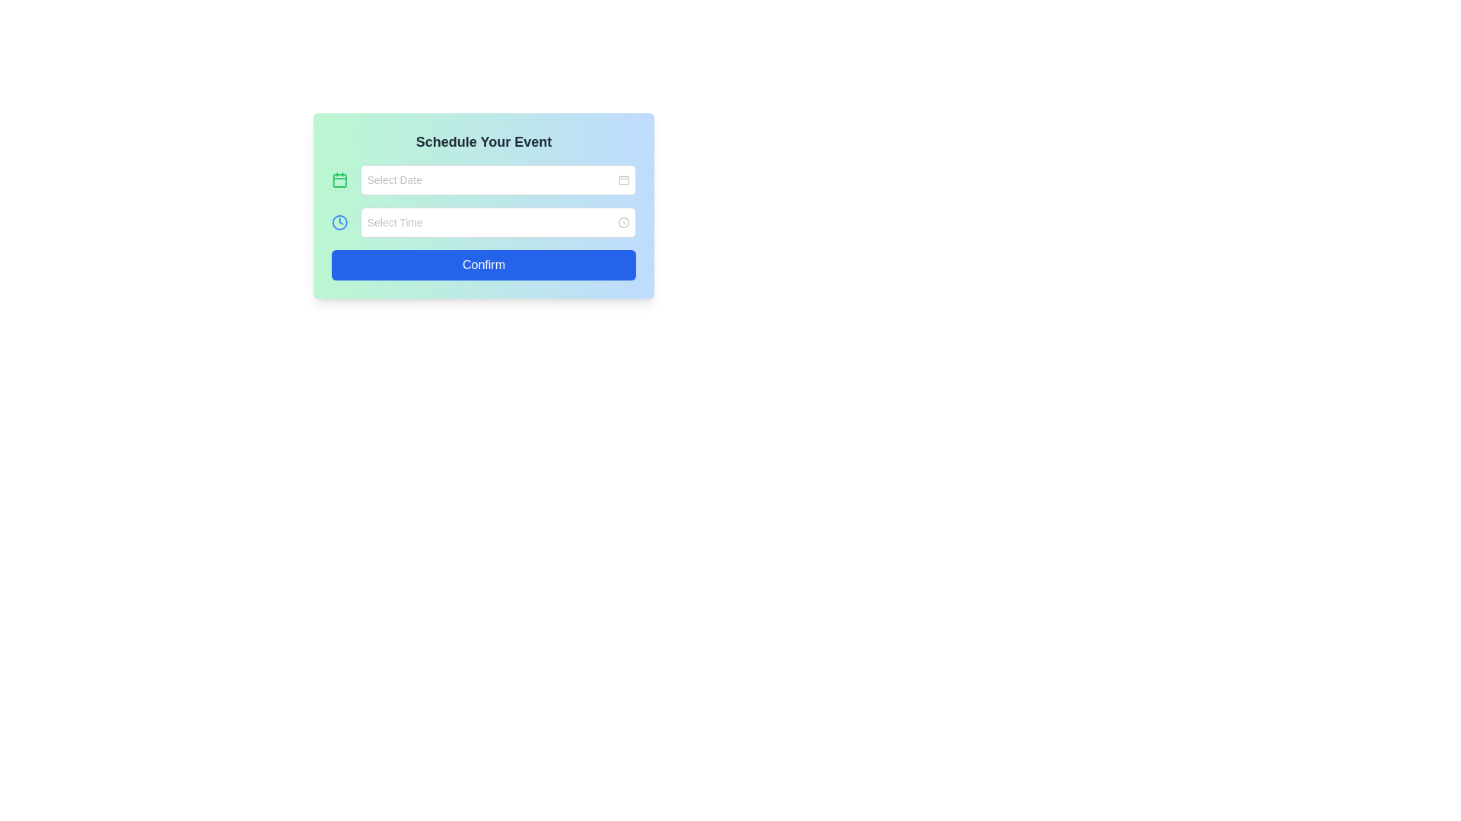 This screenshot has height=821, width=1461. I want to click on the time selection input field in the 'Schedule Your Event' form, so click(498, 223).